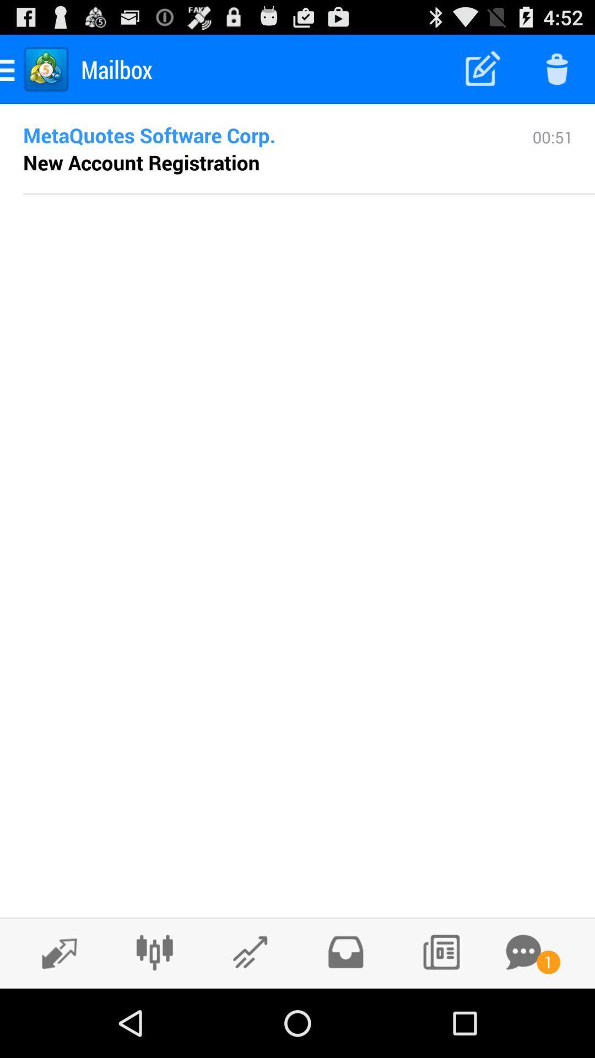  I want to click on the chat icon, so click(523, 1018).